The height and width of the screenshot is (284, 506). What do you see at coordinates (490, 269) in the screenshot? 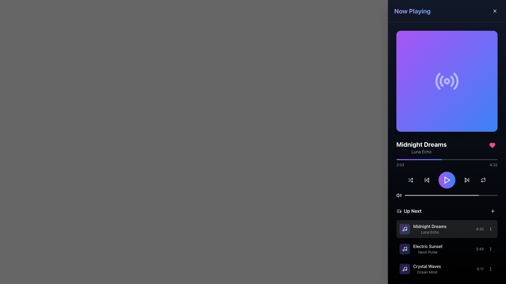
I see `the vertical ellipsis menu icon for the 'Crystal Waves' song in the 'Up Next' playlist` at bounding box center [490, 269].